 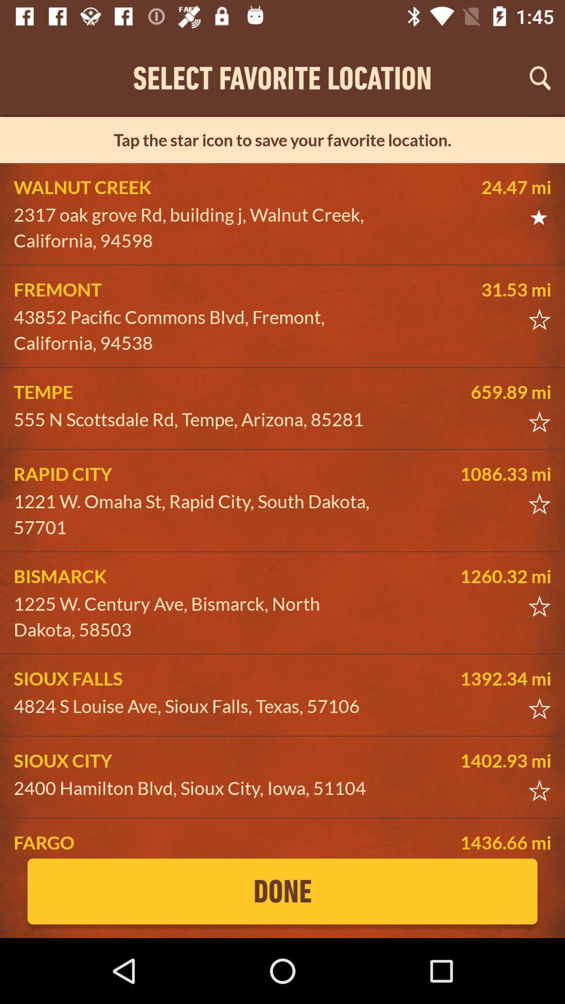 What do you see at coordinates (472, 576) in the screenshot?
I see `the icon to the right of the bismarck` at bounding box center [472, 576].